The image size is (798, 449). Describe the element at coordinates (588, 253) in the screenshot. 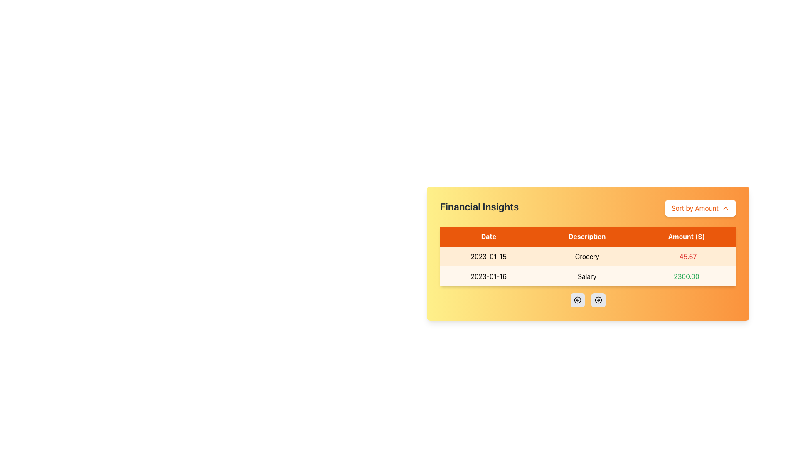

I see `the descriptive text element for the financial record dated '2023-01-15', located in the second row and second column of the table under the 'Description' header` at that location.